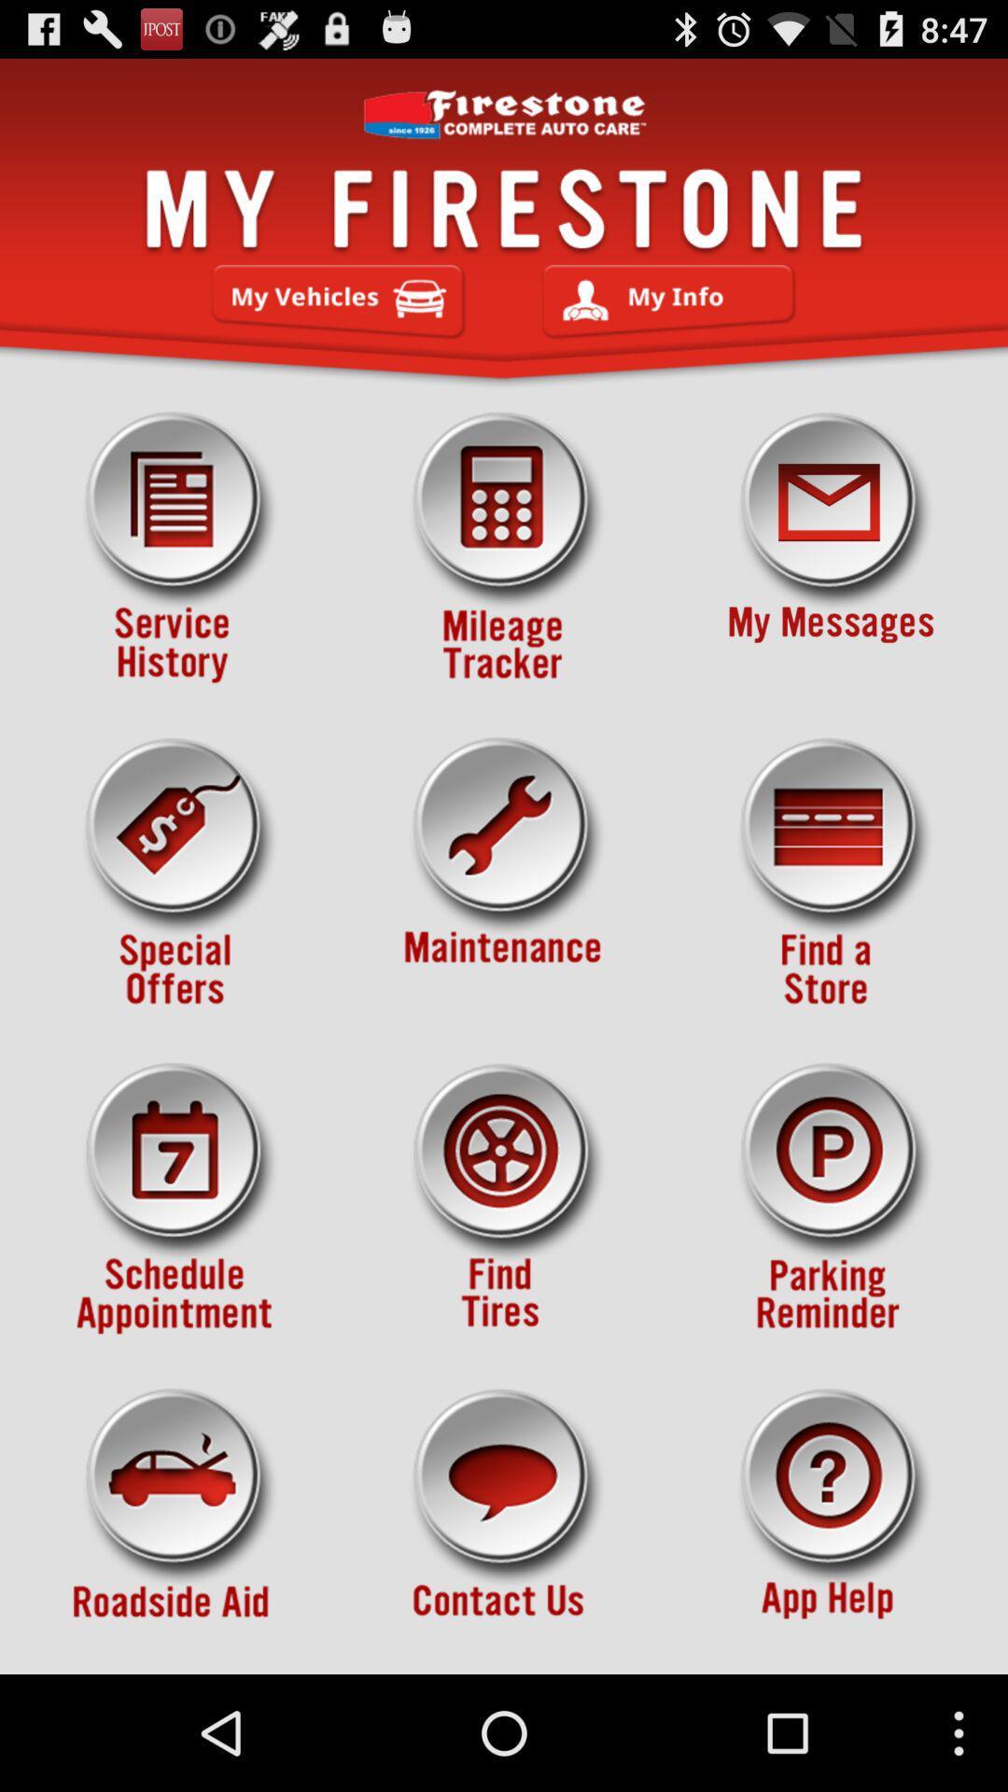  What do you see at coordinates (176, 1524) in the screenshot?
I see `roadside aid option` at bounding box center [176, 1524].